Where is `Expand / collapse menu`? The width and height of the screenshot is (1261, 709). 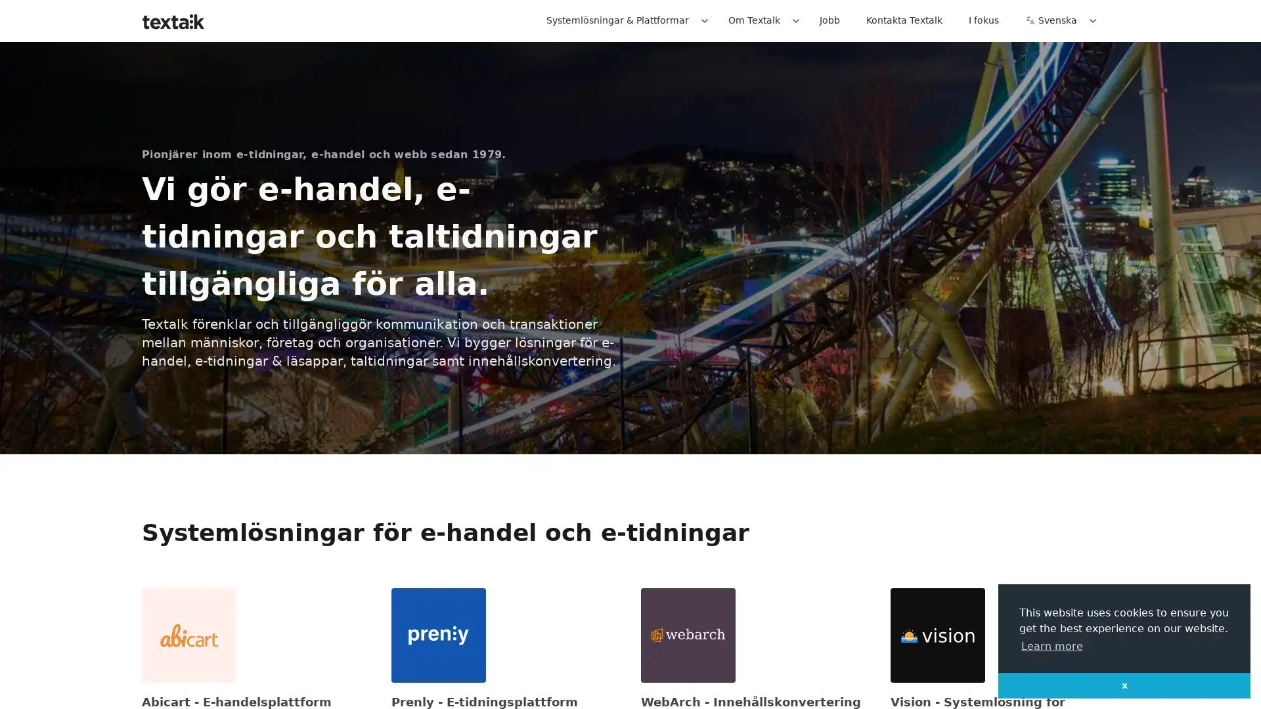 Expand / collapse menu is located at coordinates (702, 20).